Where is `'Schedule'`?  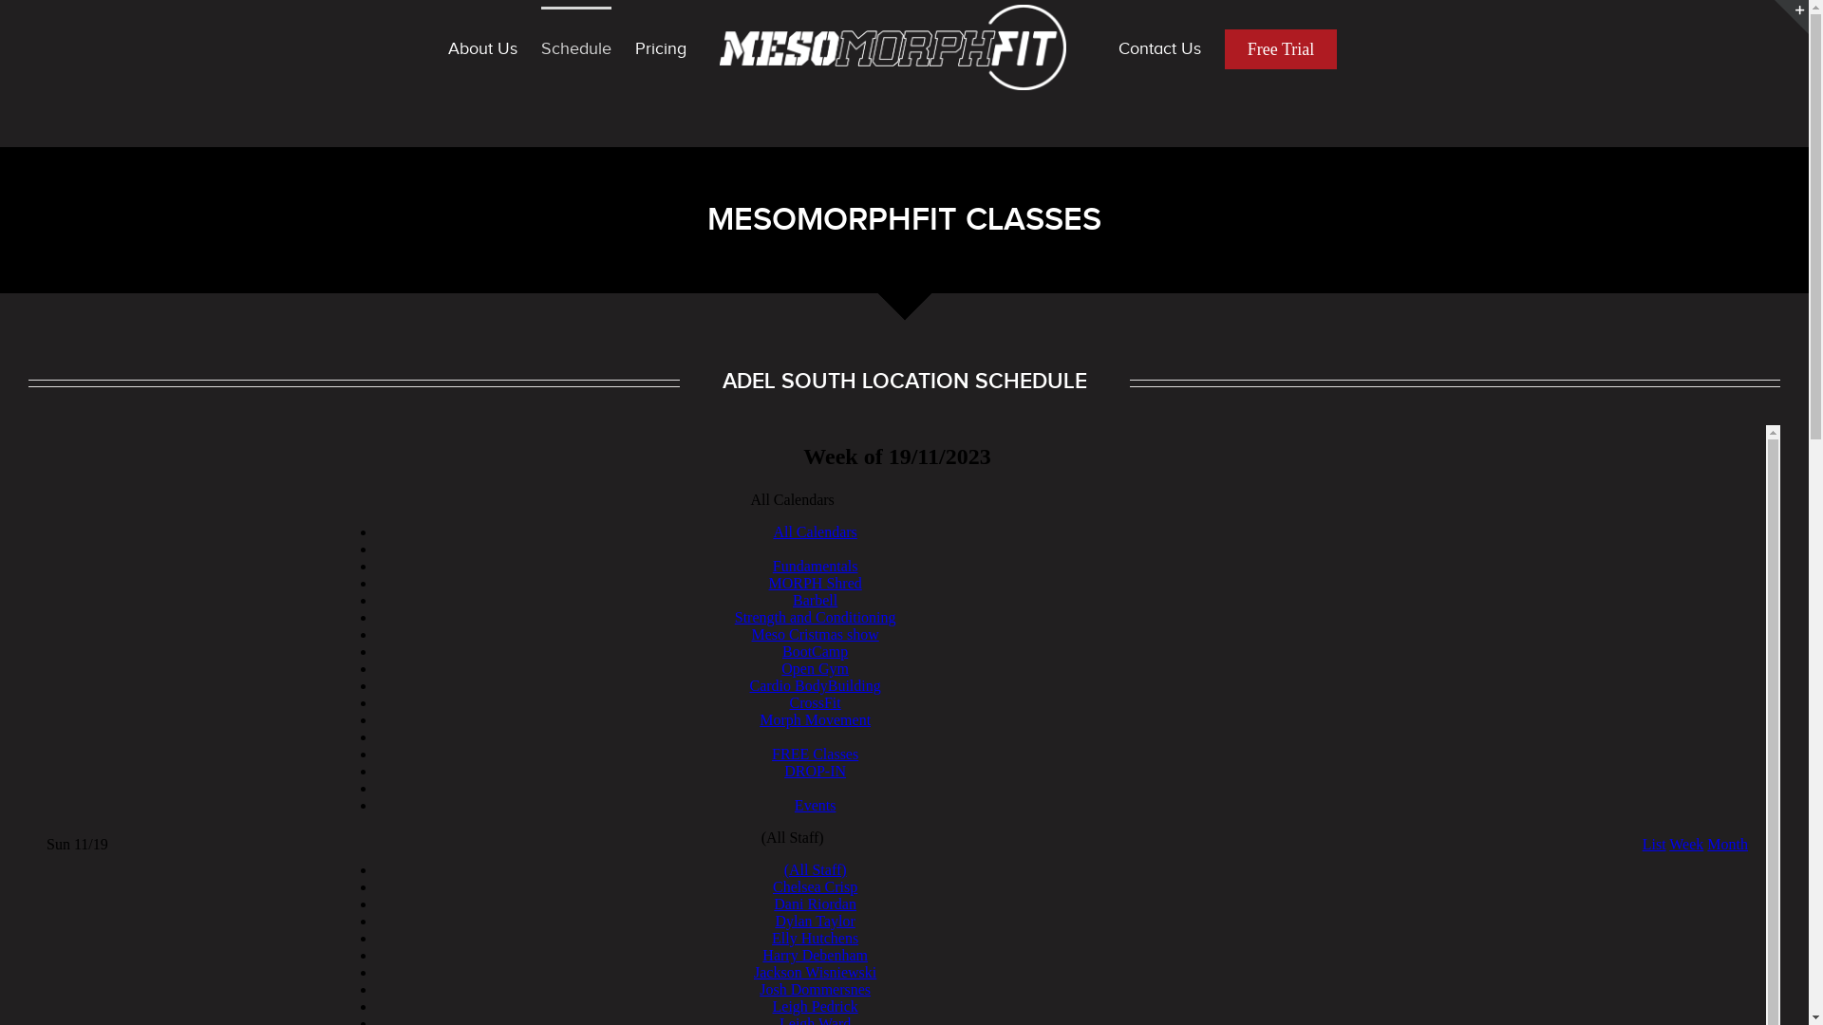 'Schedule' is located at coordinates (540, 47).